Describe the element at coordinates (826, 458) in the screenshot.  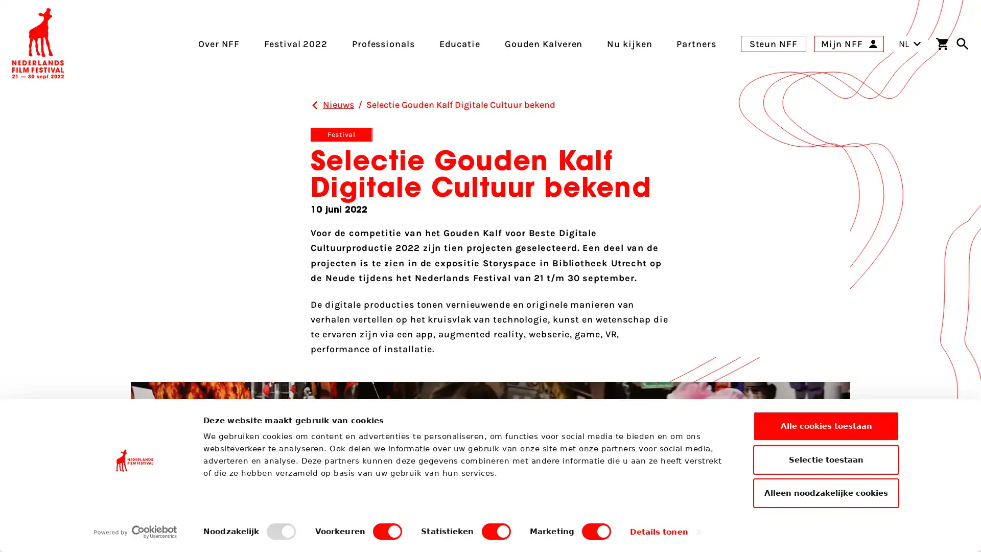
I see `Selectie toestaan` at that location.